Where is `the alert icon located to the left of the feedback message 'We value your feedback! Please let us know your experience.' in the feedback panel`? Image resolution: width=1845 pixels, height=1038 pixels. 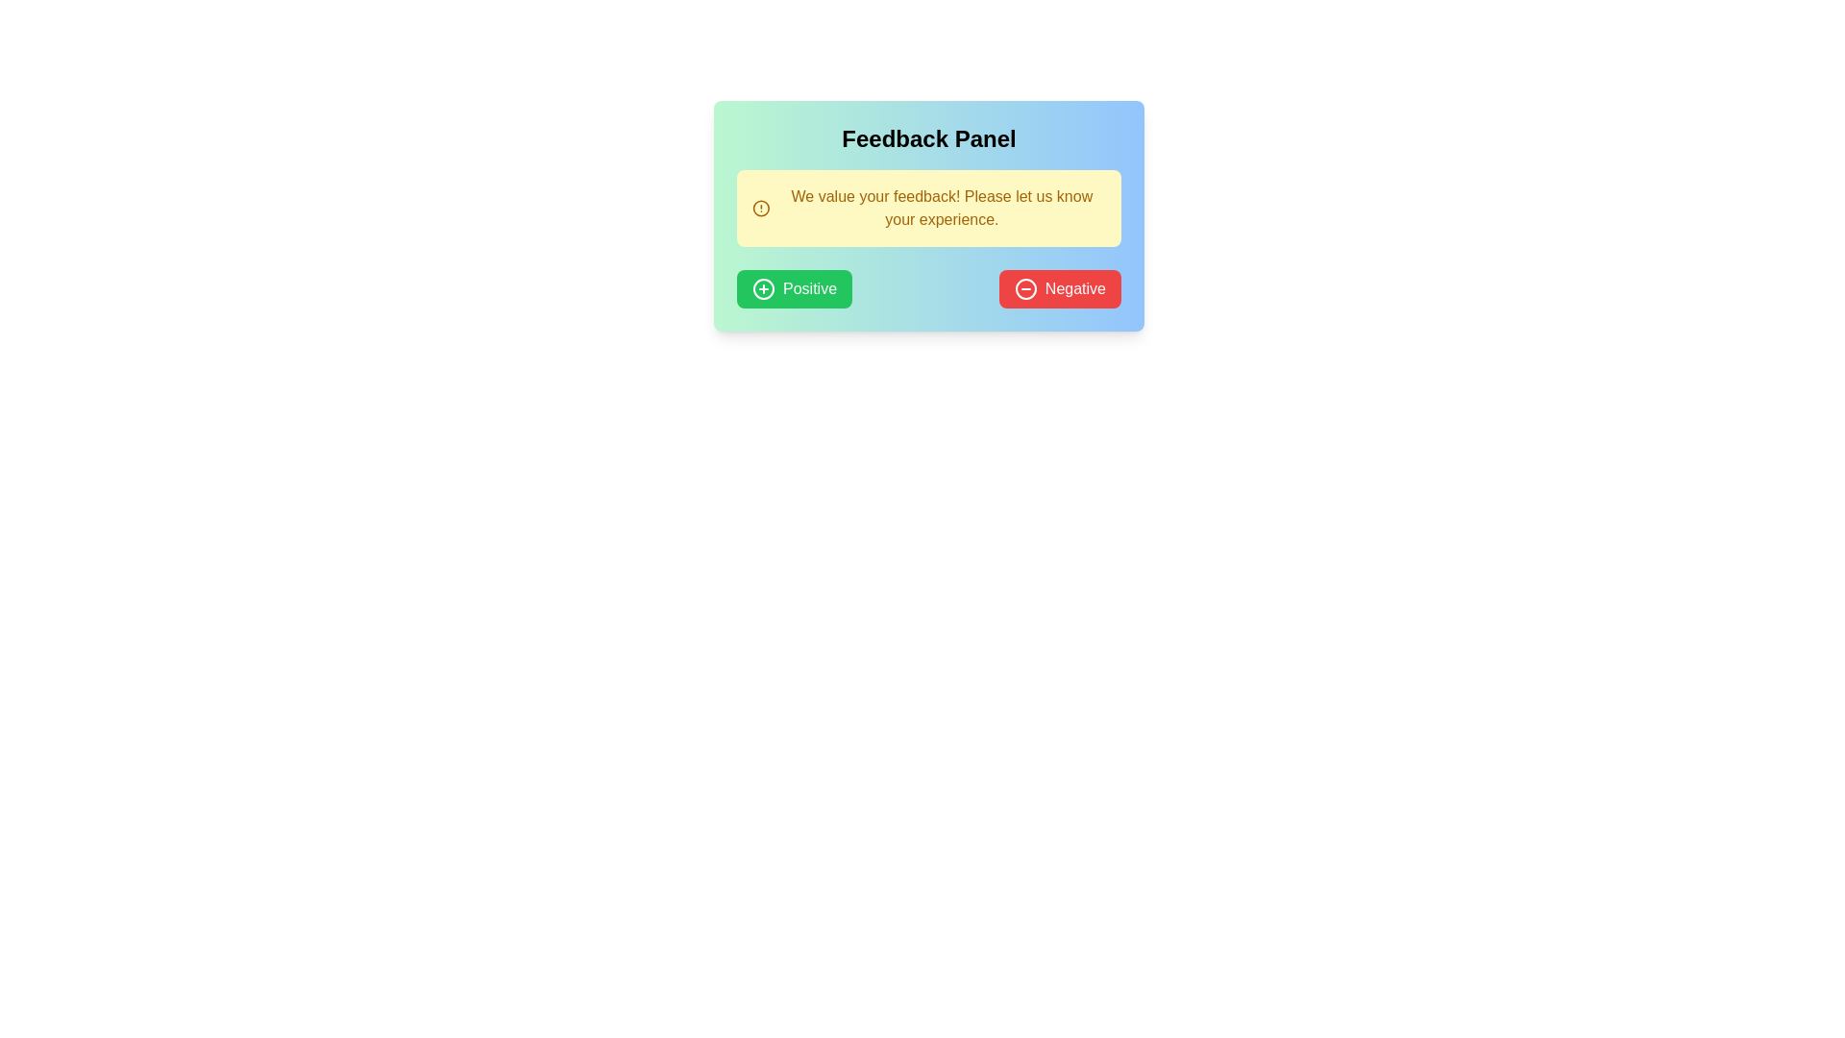 the alert icon located to the left of the feedback message 'We value your feedback! Please let us know your experience.' in the feedback panel is located at coordinates (760, 208).